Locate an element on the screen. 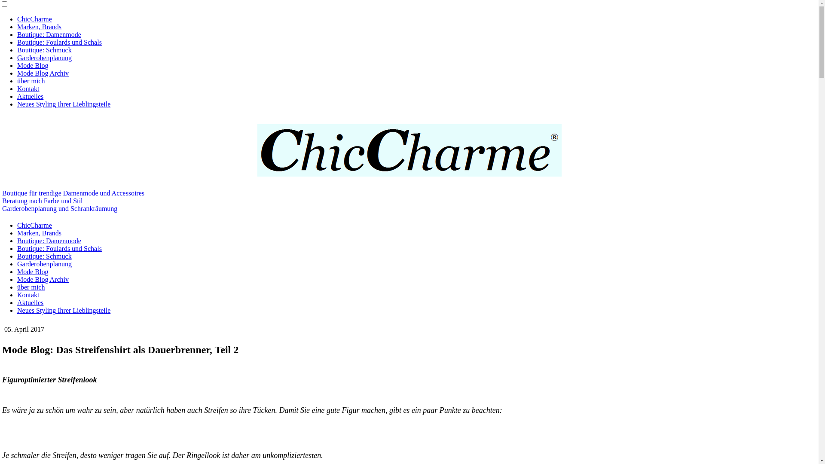 Image resolution: width=825 pixels, height=464 pixels. 'Marken, Brands' is located at coordinates (17, 233).